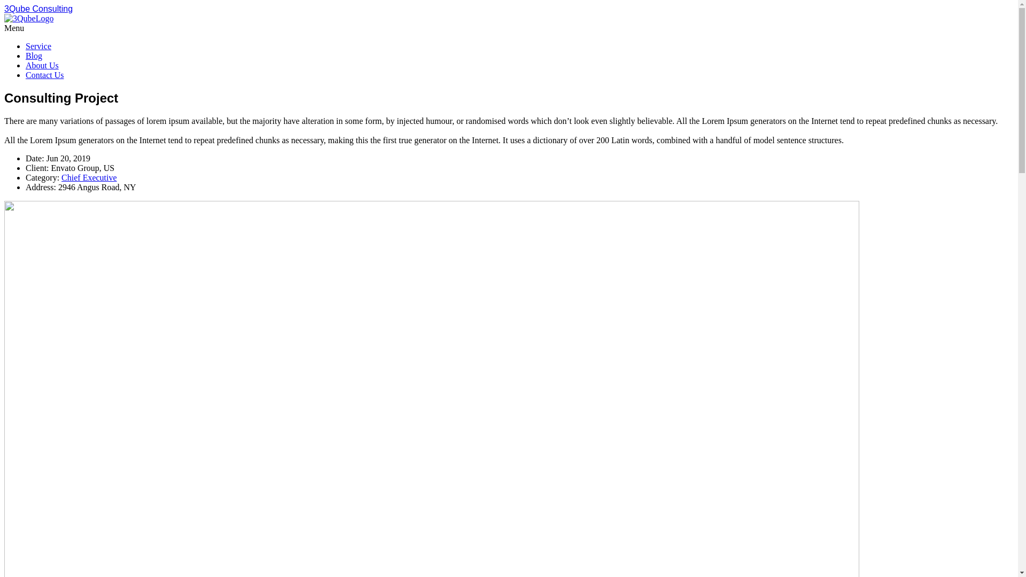 The height and width of the screenshot is (577, 1026). What do you see at coordinates (26, 45) in the screenshot?
I see `'Service'` at bounding box center [26, 45].